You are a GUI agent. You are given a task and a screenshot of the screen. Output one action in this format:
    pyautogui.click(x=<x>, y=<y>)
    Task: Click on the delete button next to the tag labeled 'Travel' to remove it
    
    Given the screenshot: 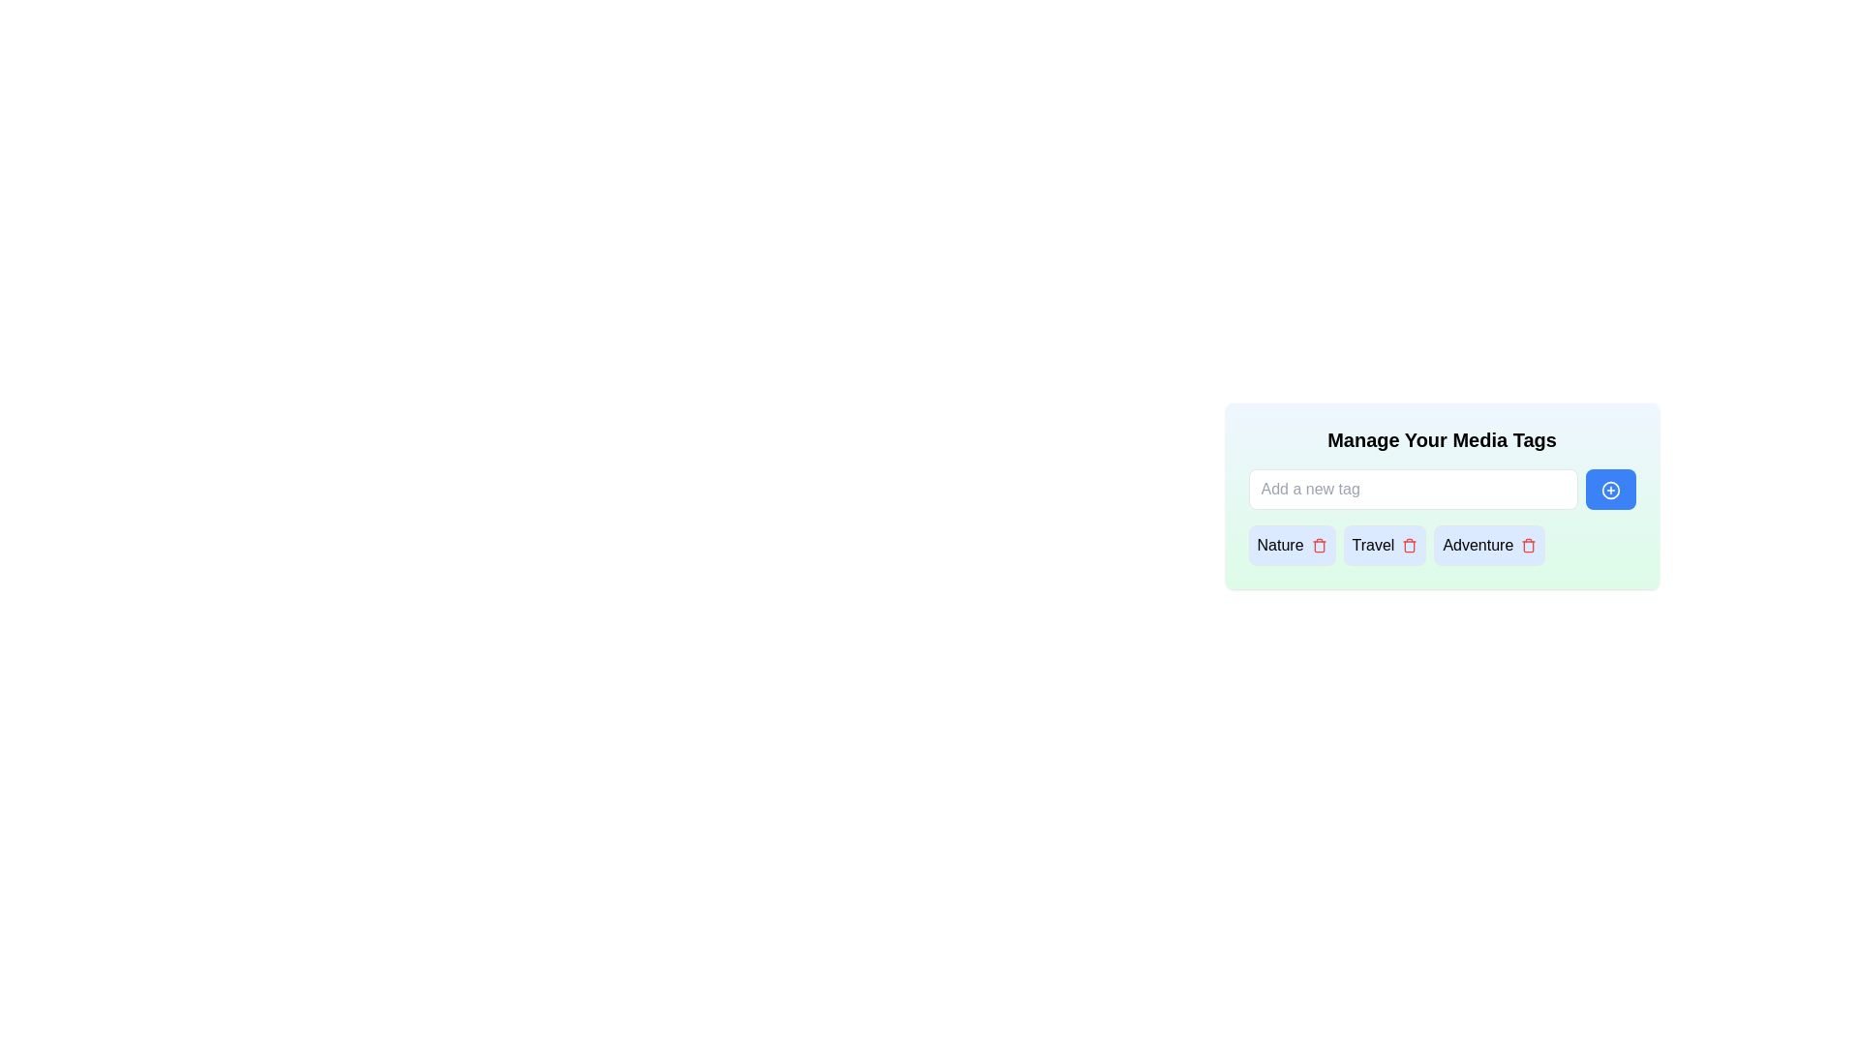 What is the action you would take?
    pyautogui.click(x=1410, y=545)
    